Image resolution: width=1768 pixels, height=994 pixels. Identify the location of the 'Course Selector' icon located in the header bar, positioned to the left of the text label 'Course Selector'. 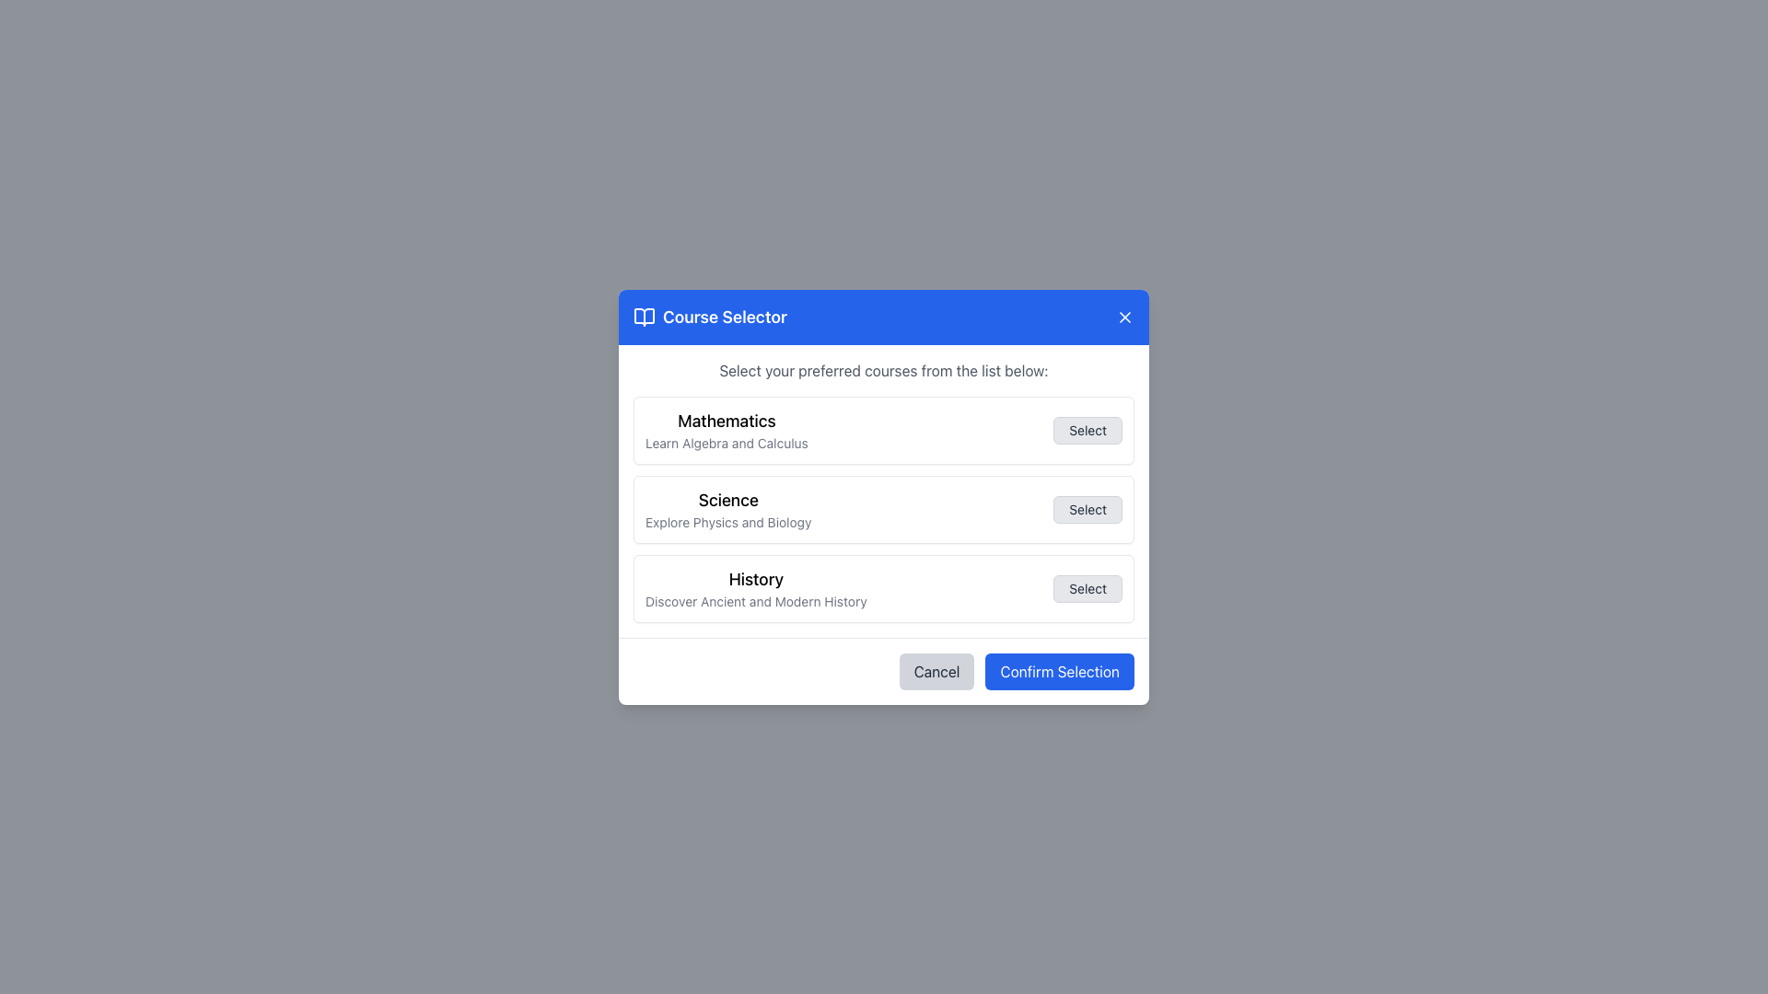
(645, 315).